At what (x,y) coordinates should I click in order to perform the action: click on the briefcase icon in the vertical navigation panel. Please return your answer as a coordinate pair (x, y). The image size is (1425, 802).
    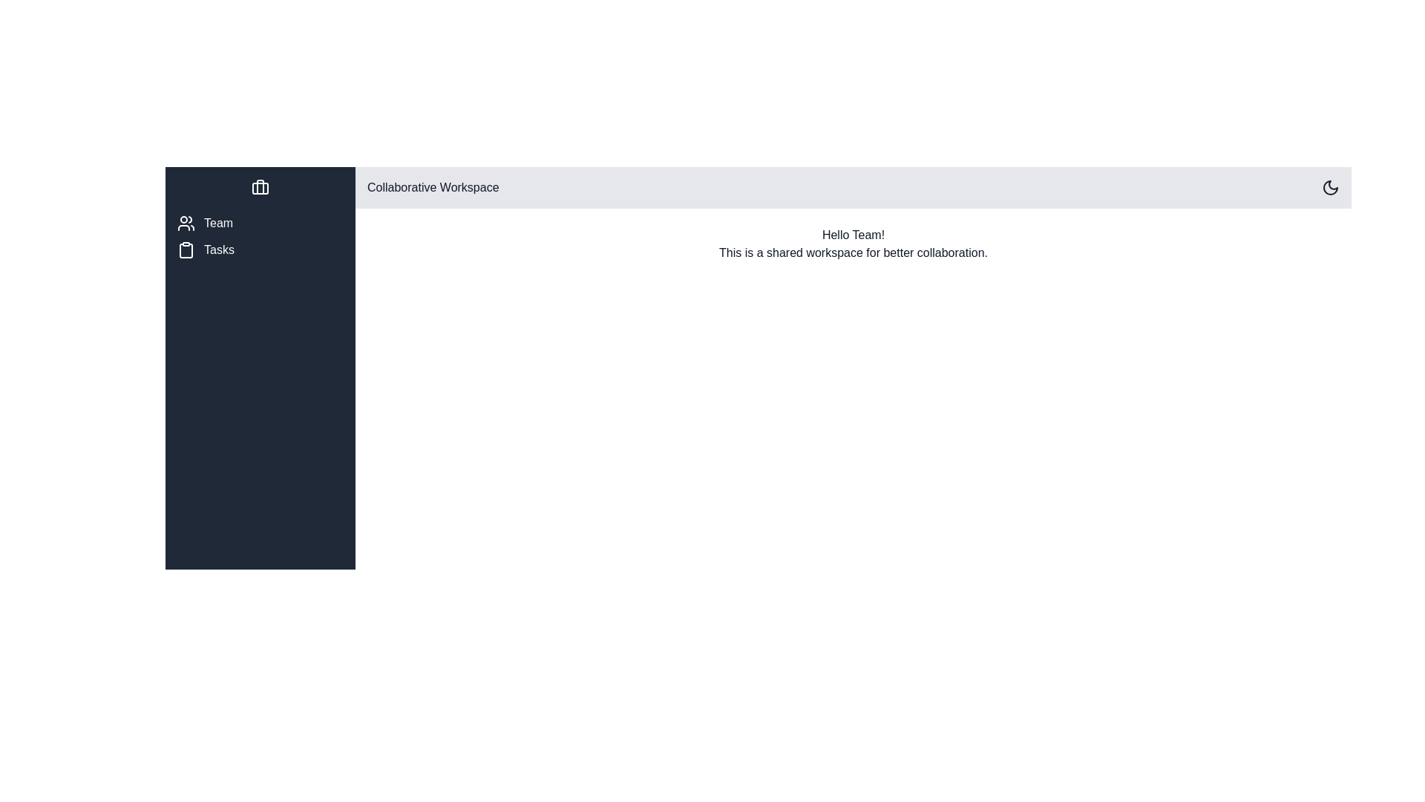
    Looking at the image, I should click on (260, 187).